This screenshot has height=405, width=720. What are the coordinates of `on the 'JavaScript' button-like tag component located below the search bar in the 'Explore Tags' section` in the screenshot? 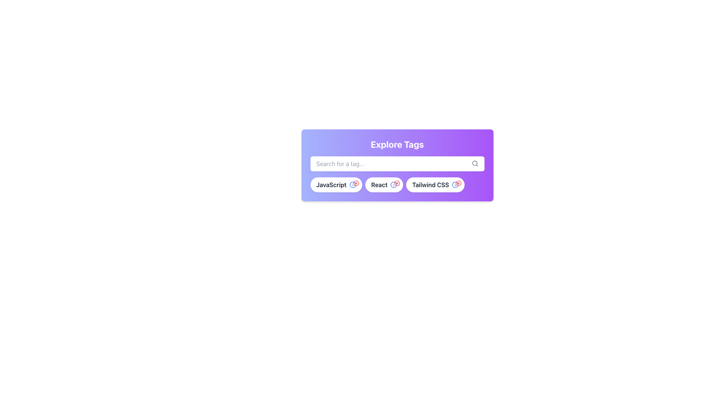 It's located at (336, 185).